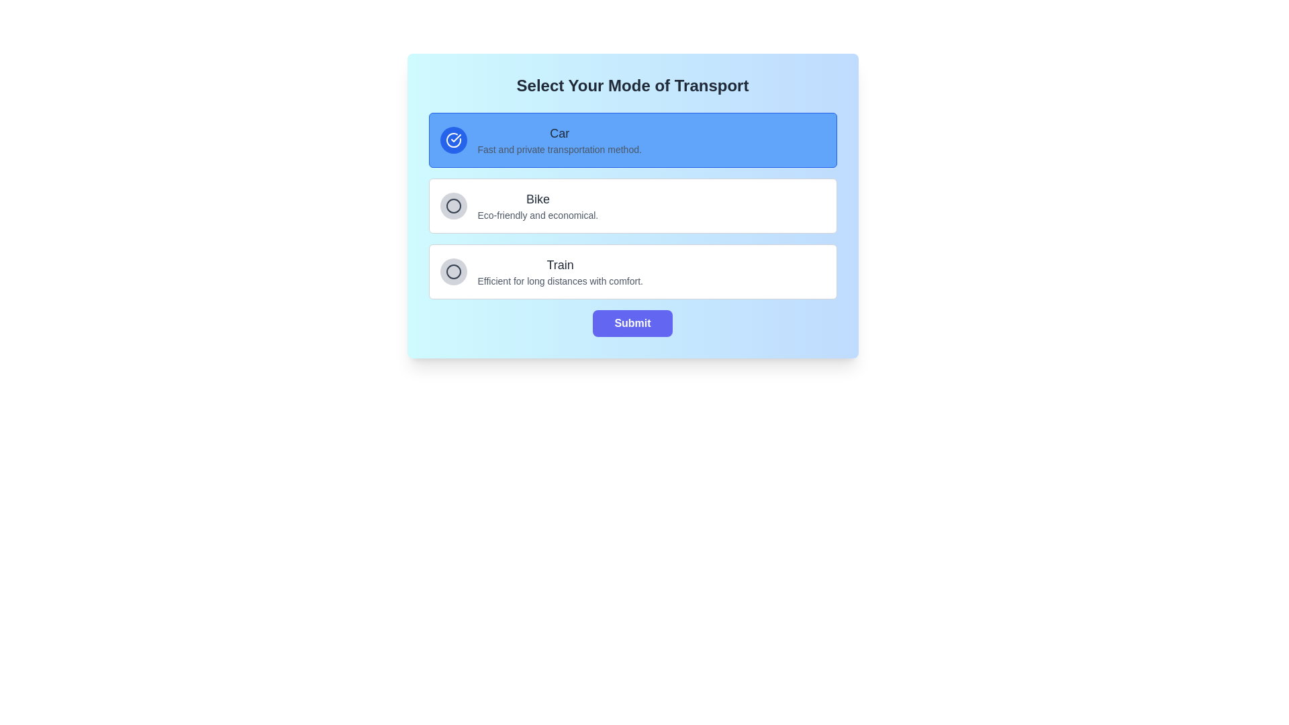 The image size is (1289, 725). What do you see at coordinates (632, 206) in the screenshot?
I see `the selection menu titled 'Select Your Mode of Transport' which features options for Car, Bike, and Train, along with a centrally aligned Submit button` at bounding box center [632, 206].